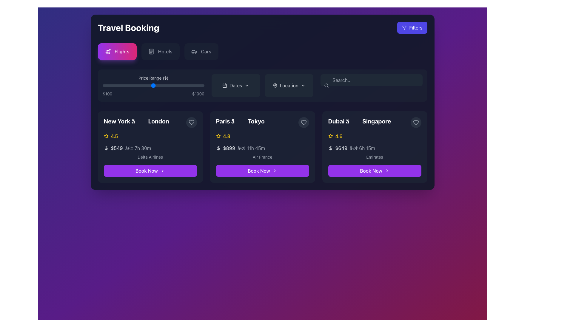  I want to click on price and estimated travel duration information located in the upper section of the middle card, beneath the destination titles 'Paris' and 'Tokyo', and above the airline information 'Air France', so click(262, 148).